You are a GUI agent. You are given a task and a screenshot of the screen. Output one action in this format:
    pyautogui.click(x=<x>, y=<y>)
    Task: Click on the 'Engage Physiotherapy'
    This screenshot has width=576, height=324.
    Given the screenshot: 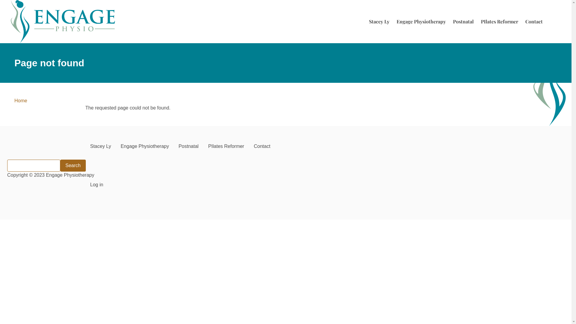 What is the action you would take?
    pyautogui.click(x=145, y=146)
    